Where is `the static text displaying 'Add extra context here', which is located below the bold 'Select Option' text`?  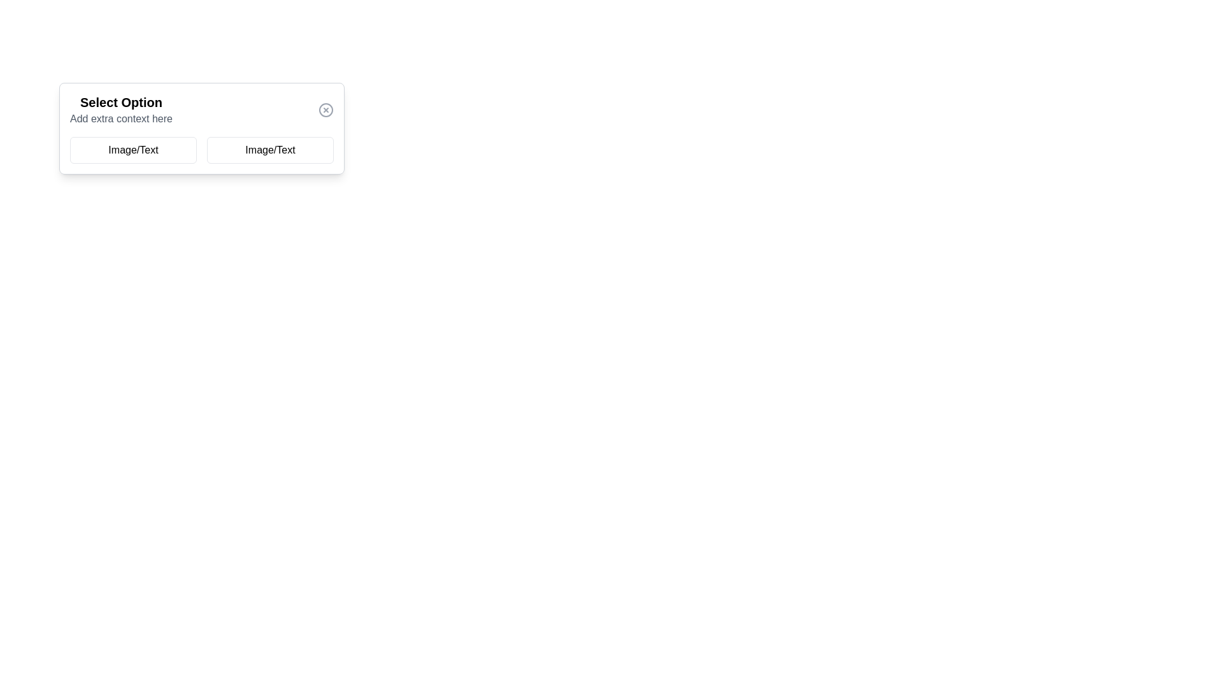 the static text displaying 'Add extra context here', which is located below the bold 'Select Option' text is located at coordinates (121, 118).